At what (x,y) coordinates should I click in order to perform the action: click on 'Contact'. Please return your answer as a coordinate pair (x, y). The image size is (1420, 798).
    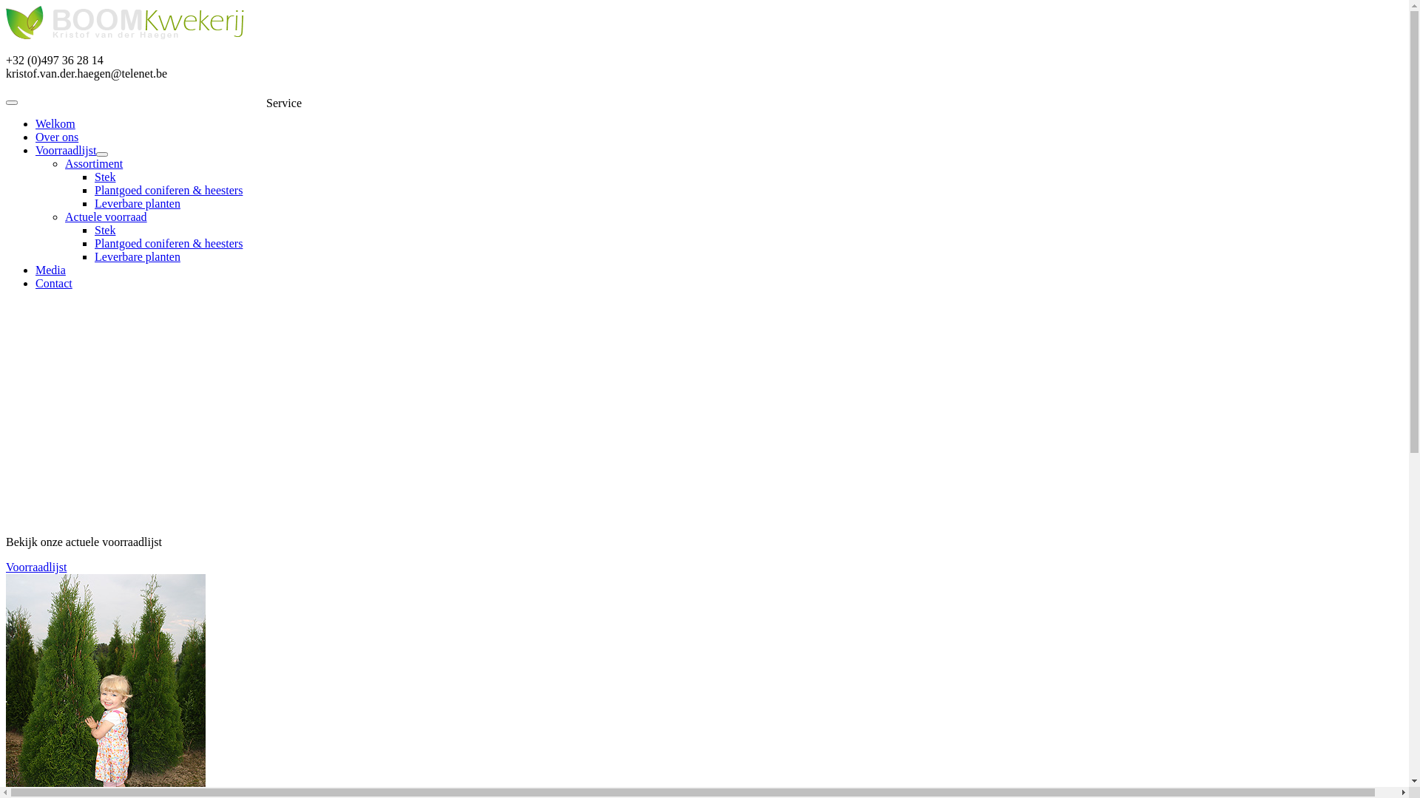
    Looking at the image, I should click on (53, 283).